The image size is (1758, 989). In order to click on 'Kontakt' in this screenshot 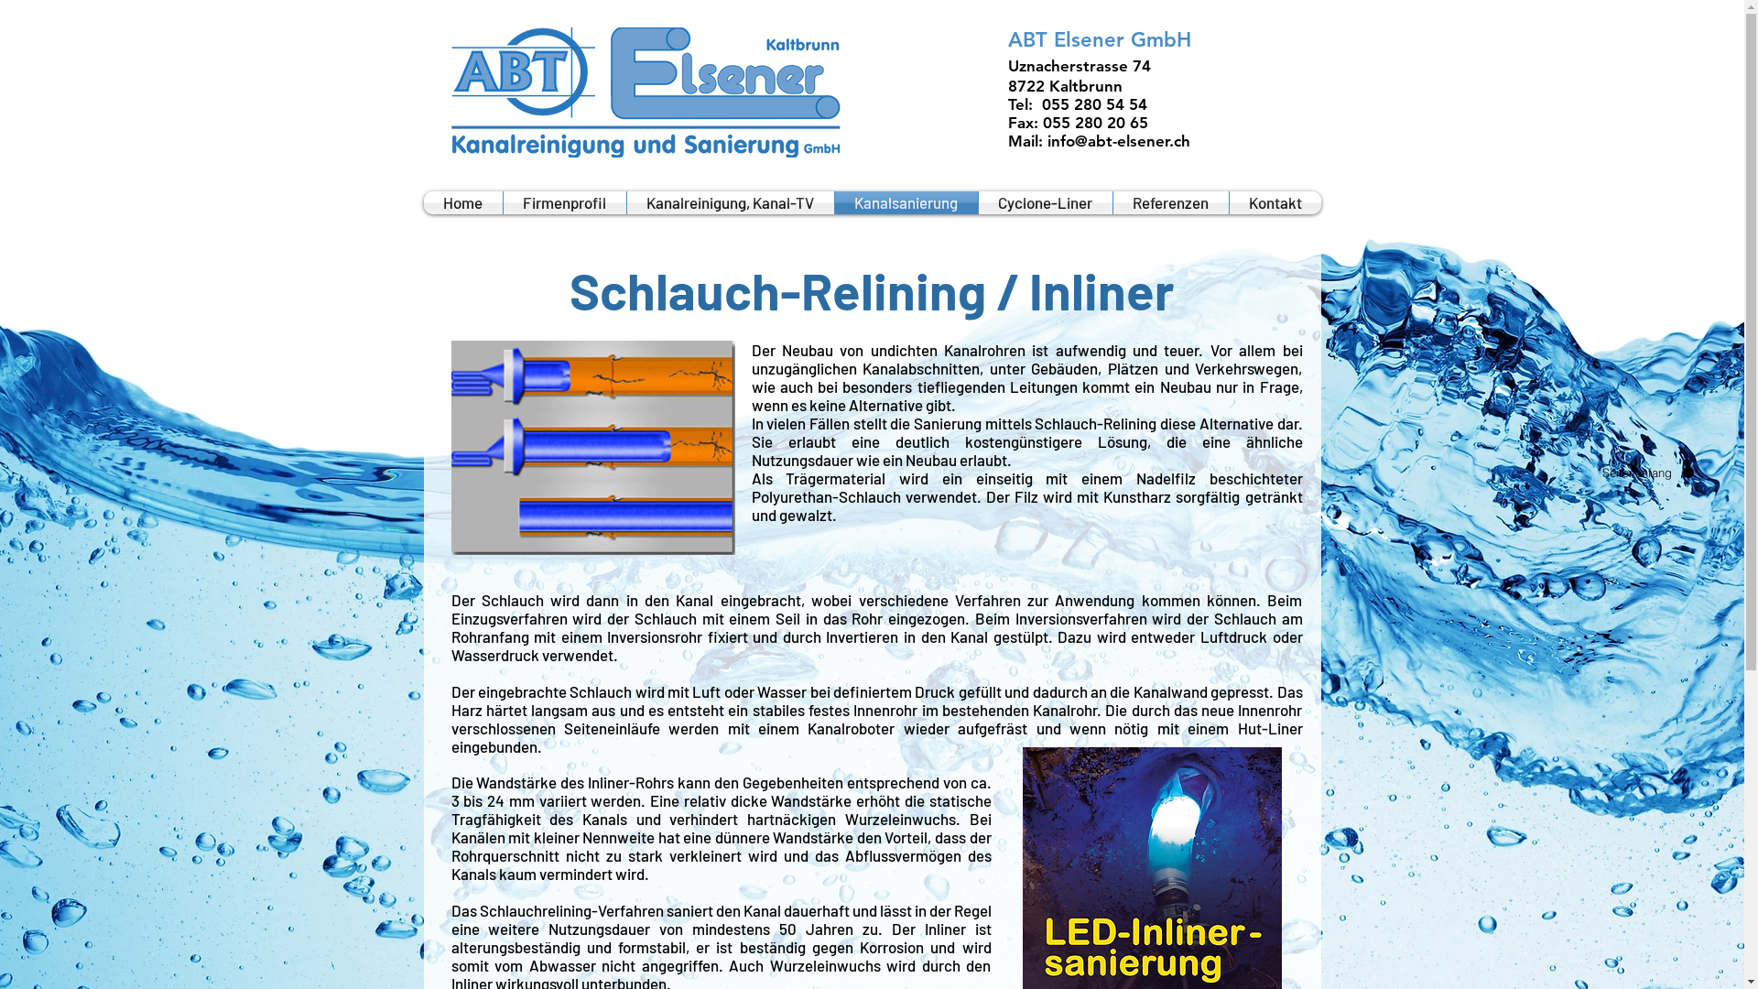, I will do `click(1274, 202)`.